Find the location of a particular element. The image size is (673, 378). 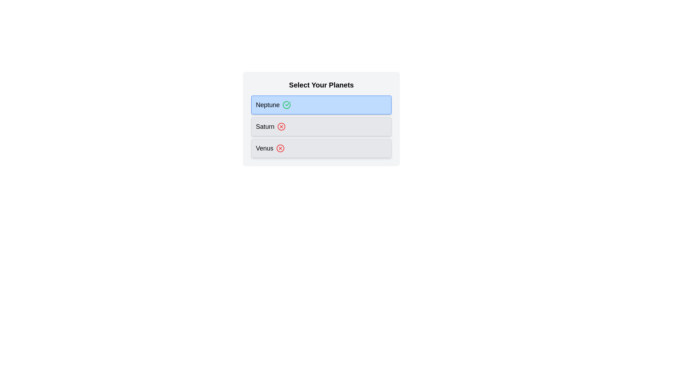

the chip labeled Neptune is located at coordinates (286, 105).